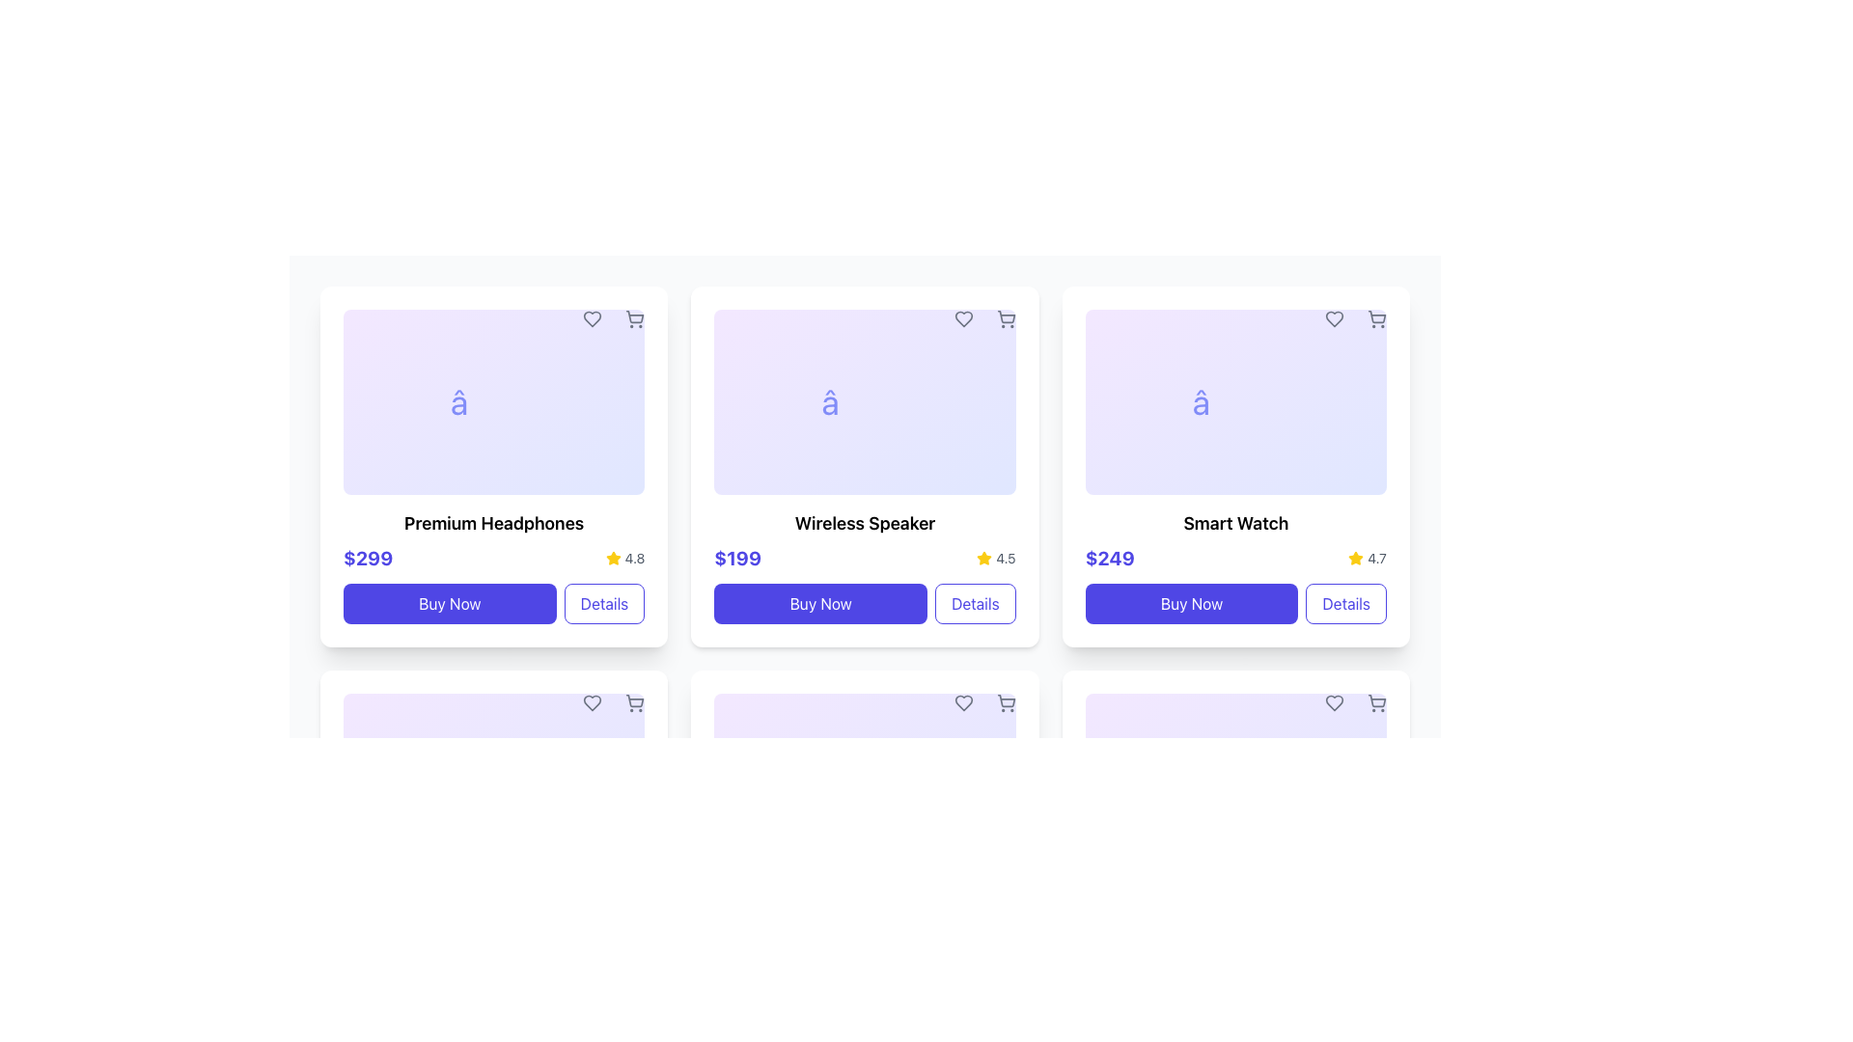 The height and width of the screenshot is (1042, 1853). I want to click on the text label displaying the rating '4.8' which is located adjacent to a yellow star icon in the first card of the first row, so click(634, 558).